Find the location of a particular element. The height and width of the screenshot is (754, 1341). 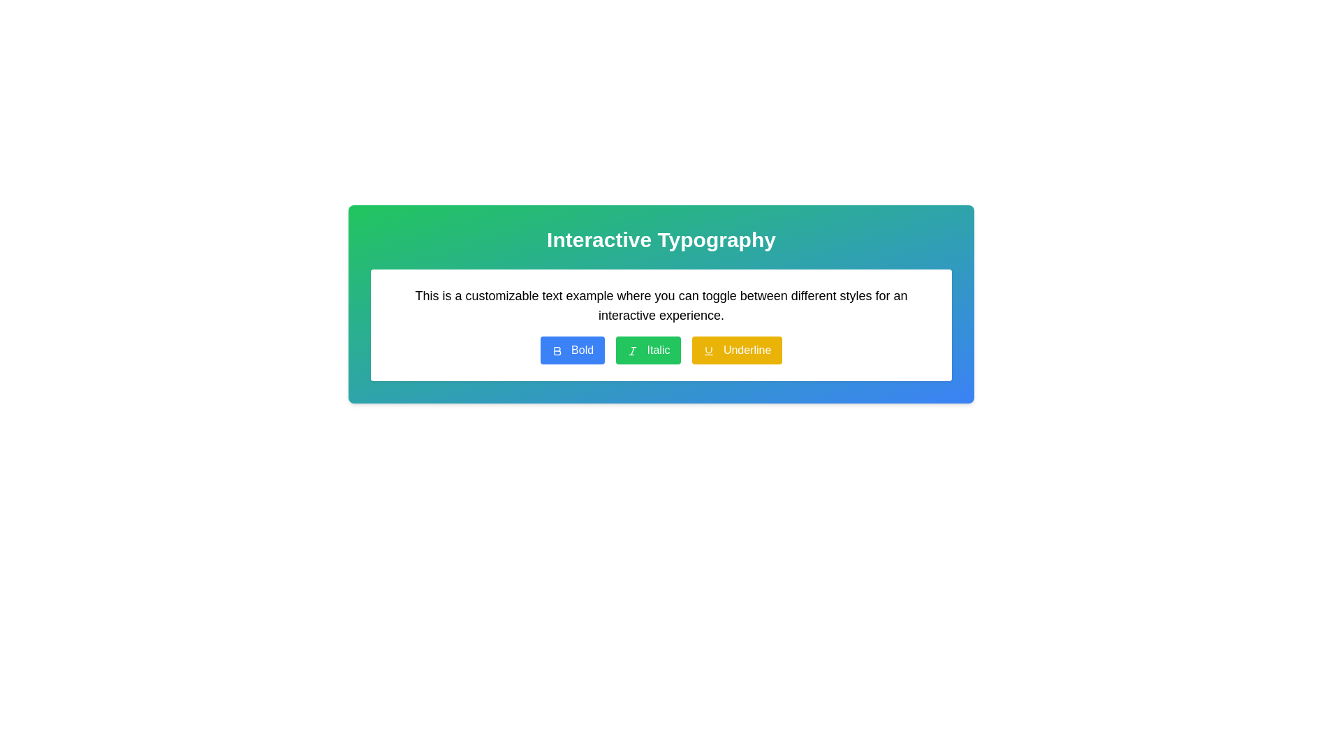

the underline toggle icon that is part of the button labeled 'Underline', positioned at the end of a horizontal row of buttons below the description text box is located at coordinates (709, 350).